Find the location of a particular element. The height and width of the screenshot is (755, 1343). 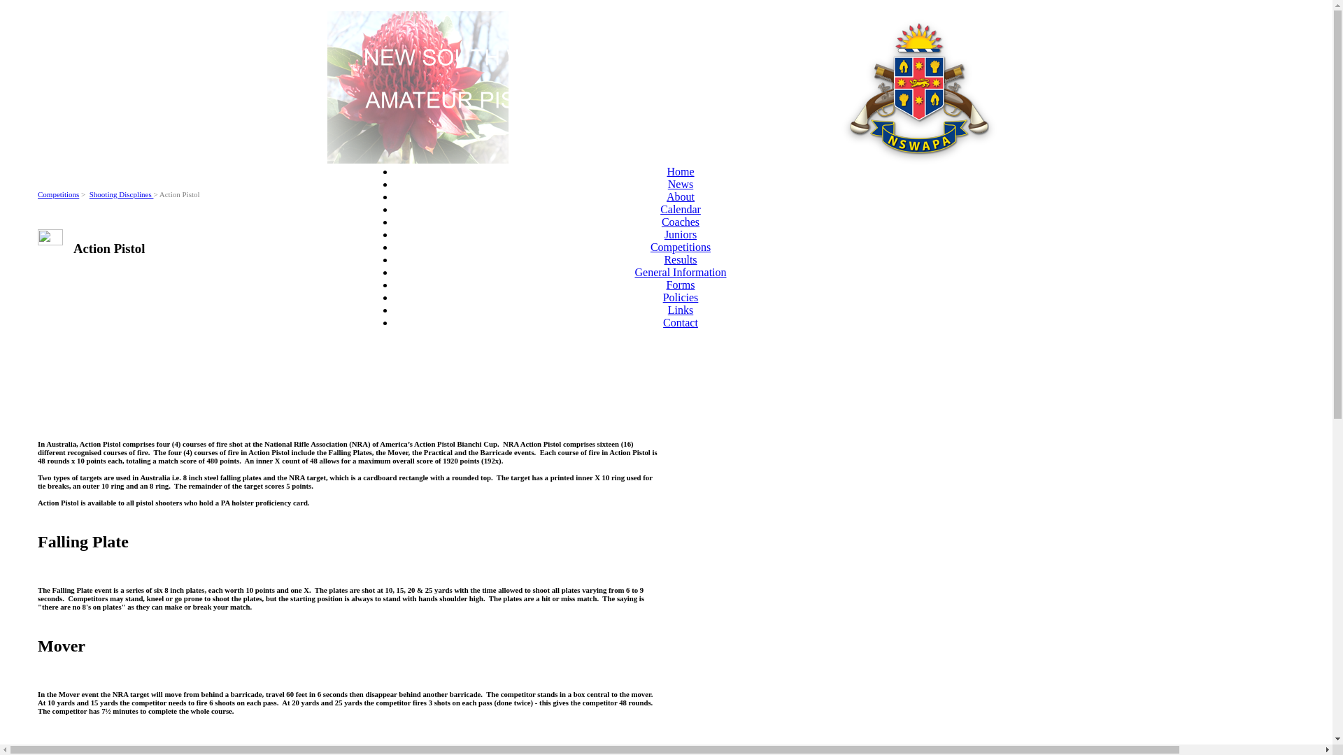

'Calendar' is located at coordinates (681, 209).